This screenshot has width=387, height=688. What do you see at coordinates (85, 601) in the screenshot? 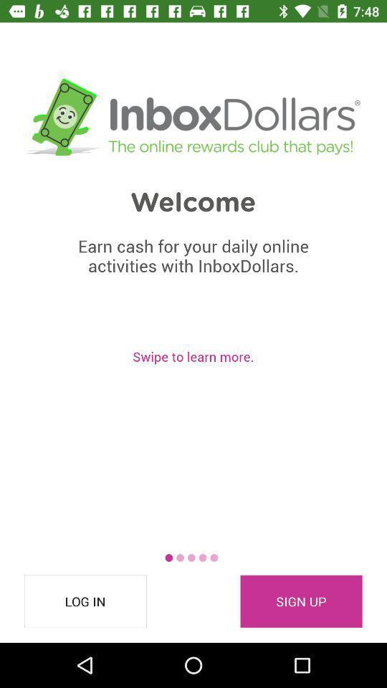
I see `the log in item` at bounding box center [85, 601].